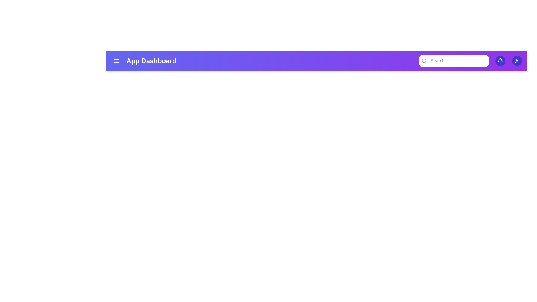  Describe the element at coordinates (424, 61) in the screenshot. I see `the search icon to activate the search functionality` at that location.